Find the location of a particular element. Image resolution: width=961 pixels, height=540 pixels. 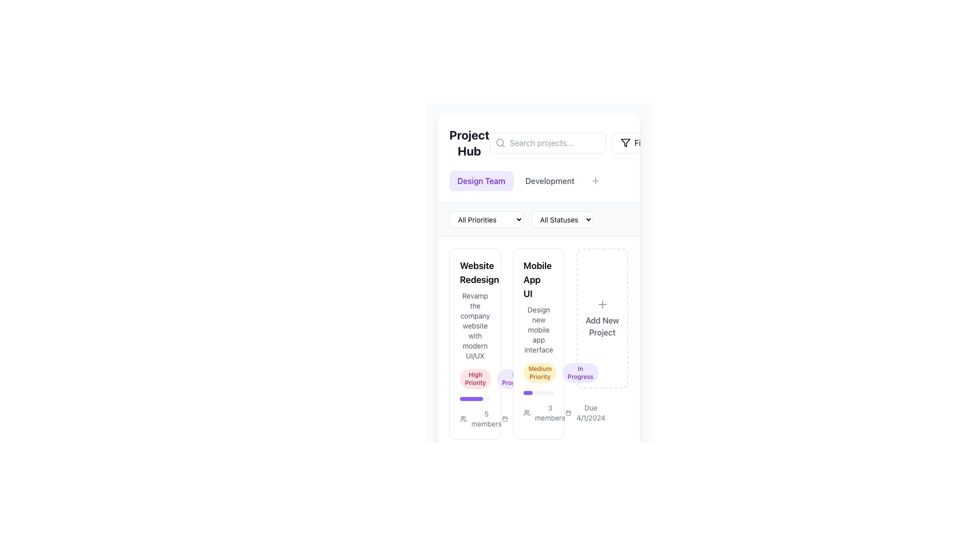

the 'Medium Priority' badge located in the first position of the horizontal arrangement of badges within the 'Mobile App UI' card is located at coordinates (540, 372).